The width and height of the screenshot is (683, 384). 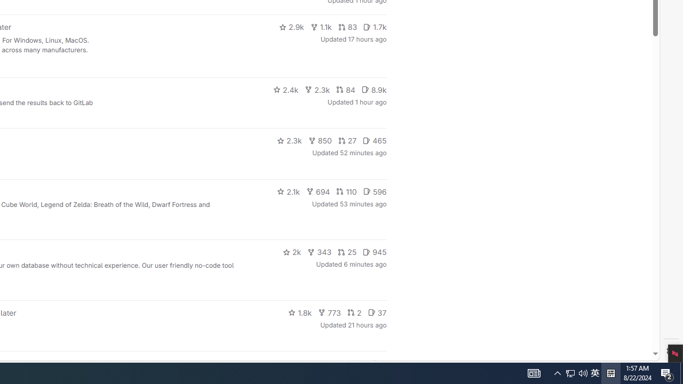 What do you see at coordinates (375, 140) in the screenshot?
I see `'465'` at bounding box center [375, 140].